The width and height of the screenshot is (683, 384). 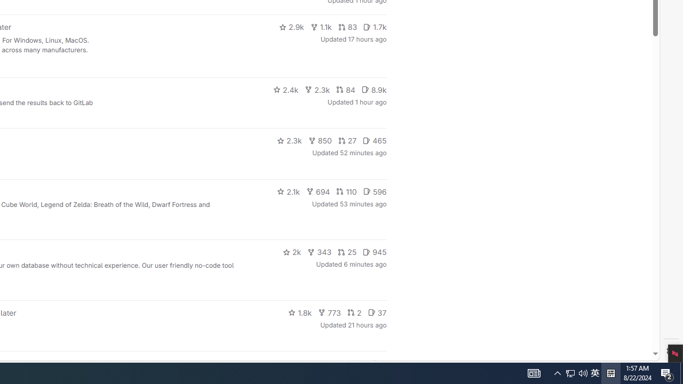 What do you see at coordinates (375, 140) in the screenshot?
I see `'465'` at bounding box center [375, 140].